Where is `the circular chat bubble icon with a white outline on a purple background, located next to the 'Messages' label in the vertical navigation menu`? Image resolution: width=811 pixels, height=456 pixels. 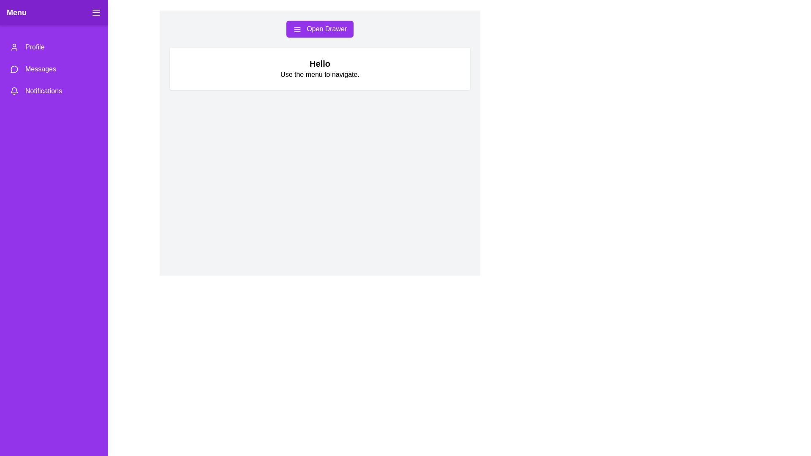 the circular chat bubble icon with a white outline on a purple background, located next to the 'Messages' label in the vertical navigation menu is located at coordinates (14, 69).